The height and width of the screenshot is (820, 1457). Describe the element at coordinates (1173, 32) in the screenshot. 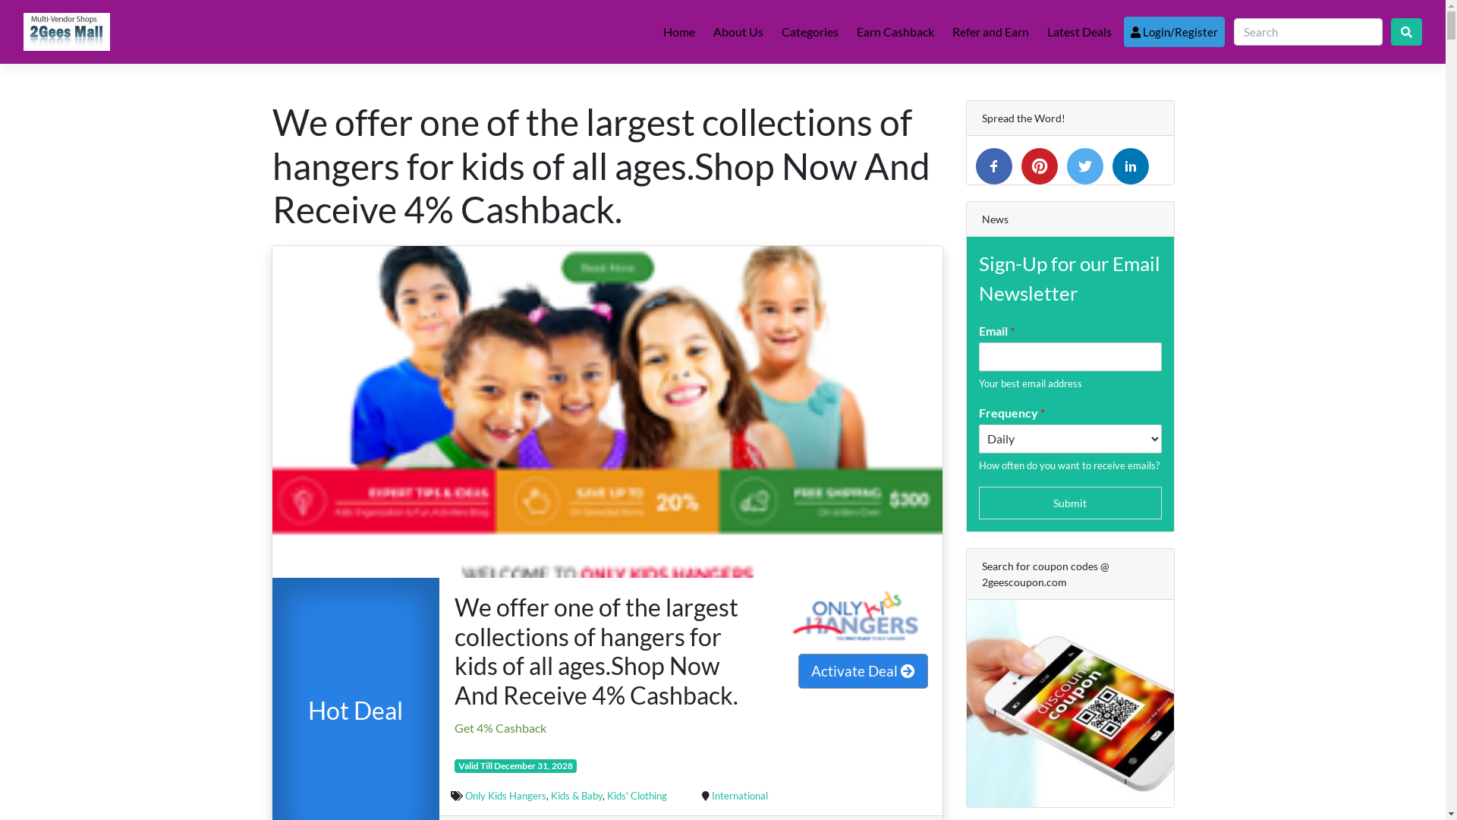

I see `'Login/Register'` at that location.